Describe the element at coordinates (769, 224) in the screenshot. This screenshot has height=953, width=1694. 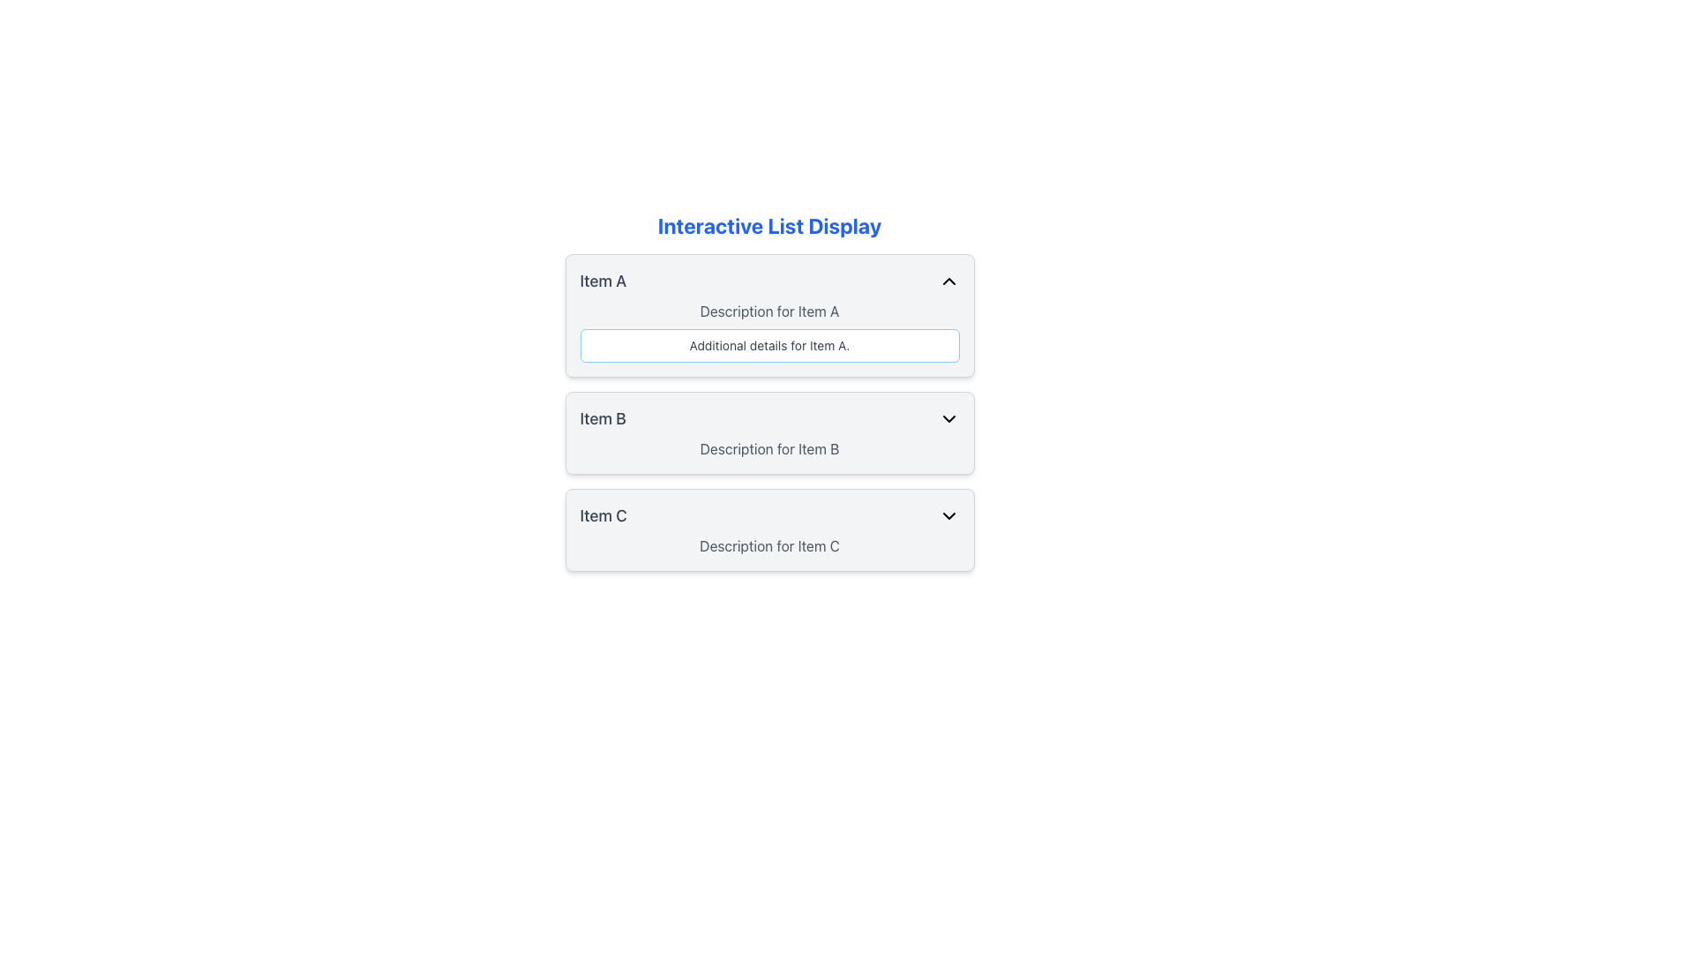
I see `the prominent heading text styled in bold, large blue font that reads 'Interactive List Display', which is located above the list of items` at that location.